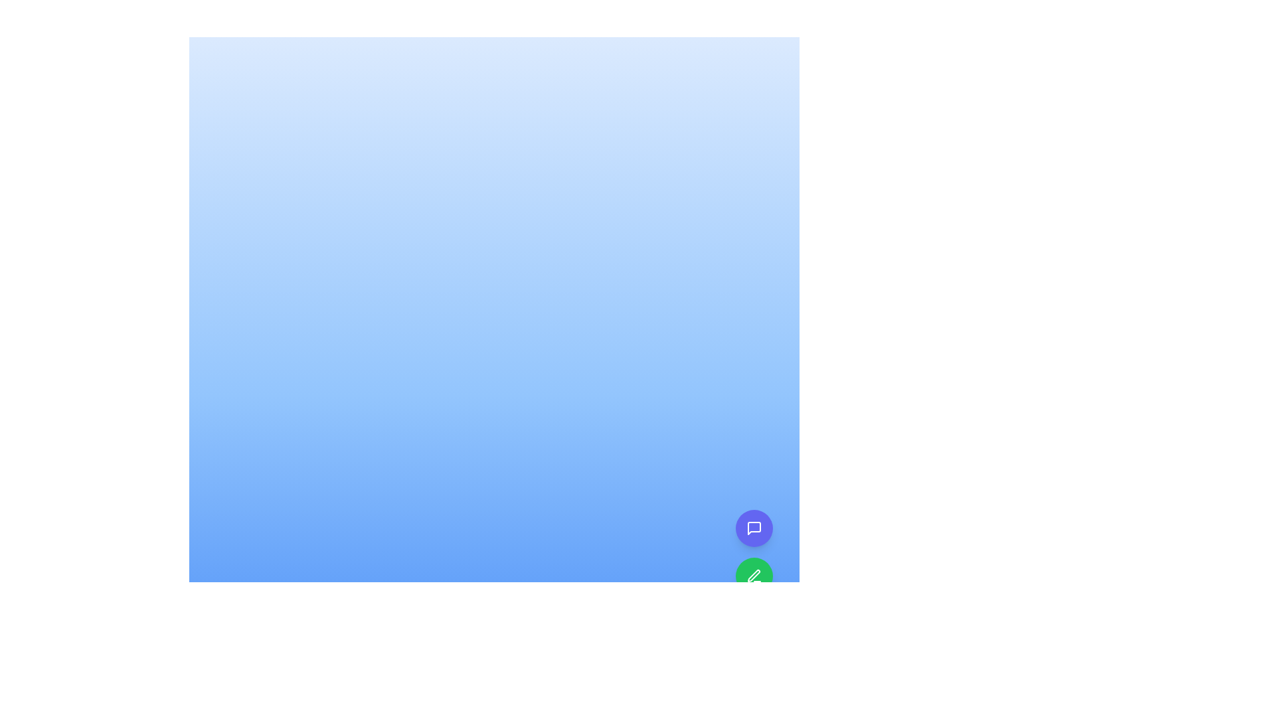  I want to click on the second button located in the bottom right corner of the interface, which features a pen icon, so click(754, 575).